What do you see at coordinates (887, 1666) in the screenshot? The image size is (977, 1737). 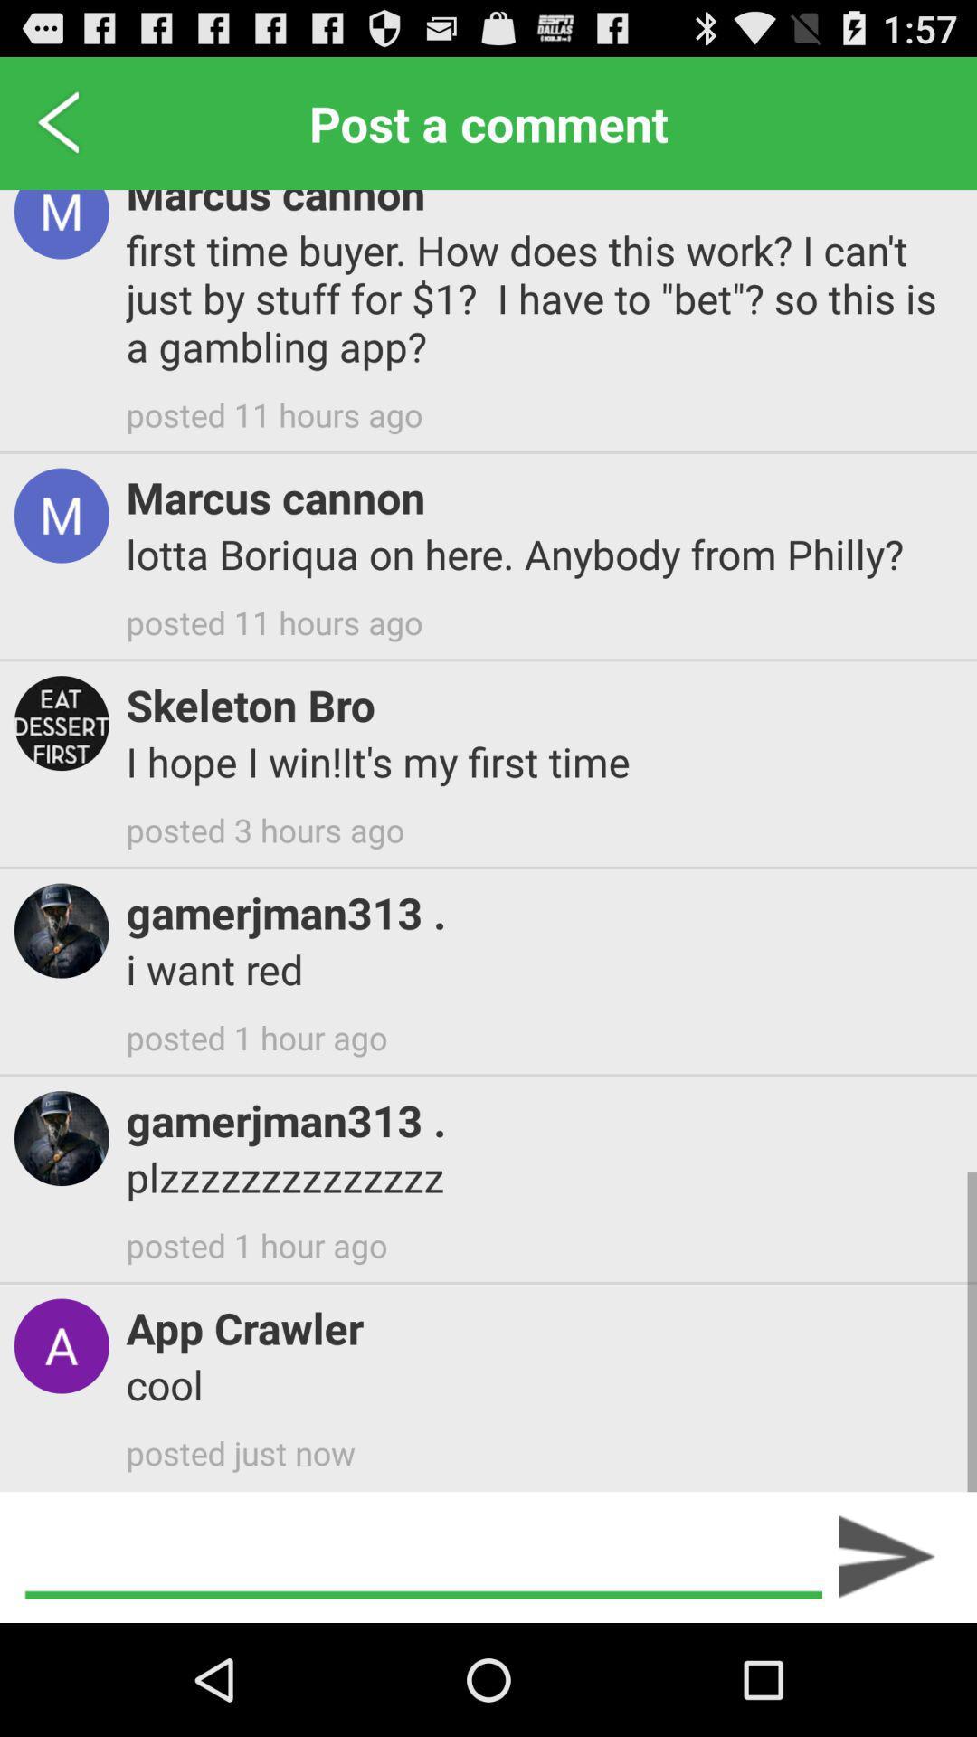 I see `the send icon` at bounding box center [887, 1666].